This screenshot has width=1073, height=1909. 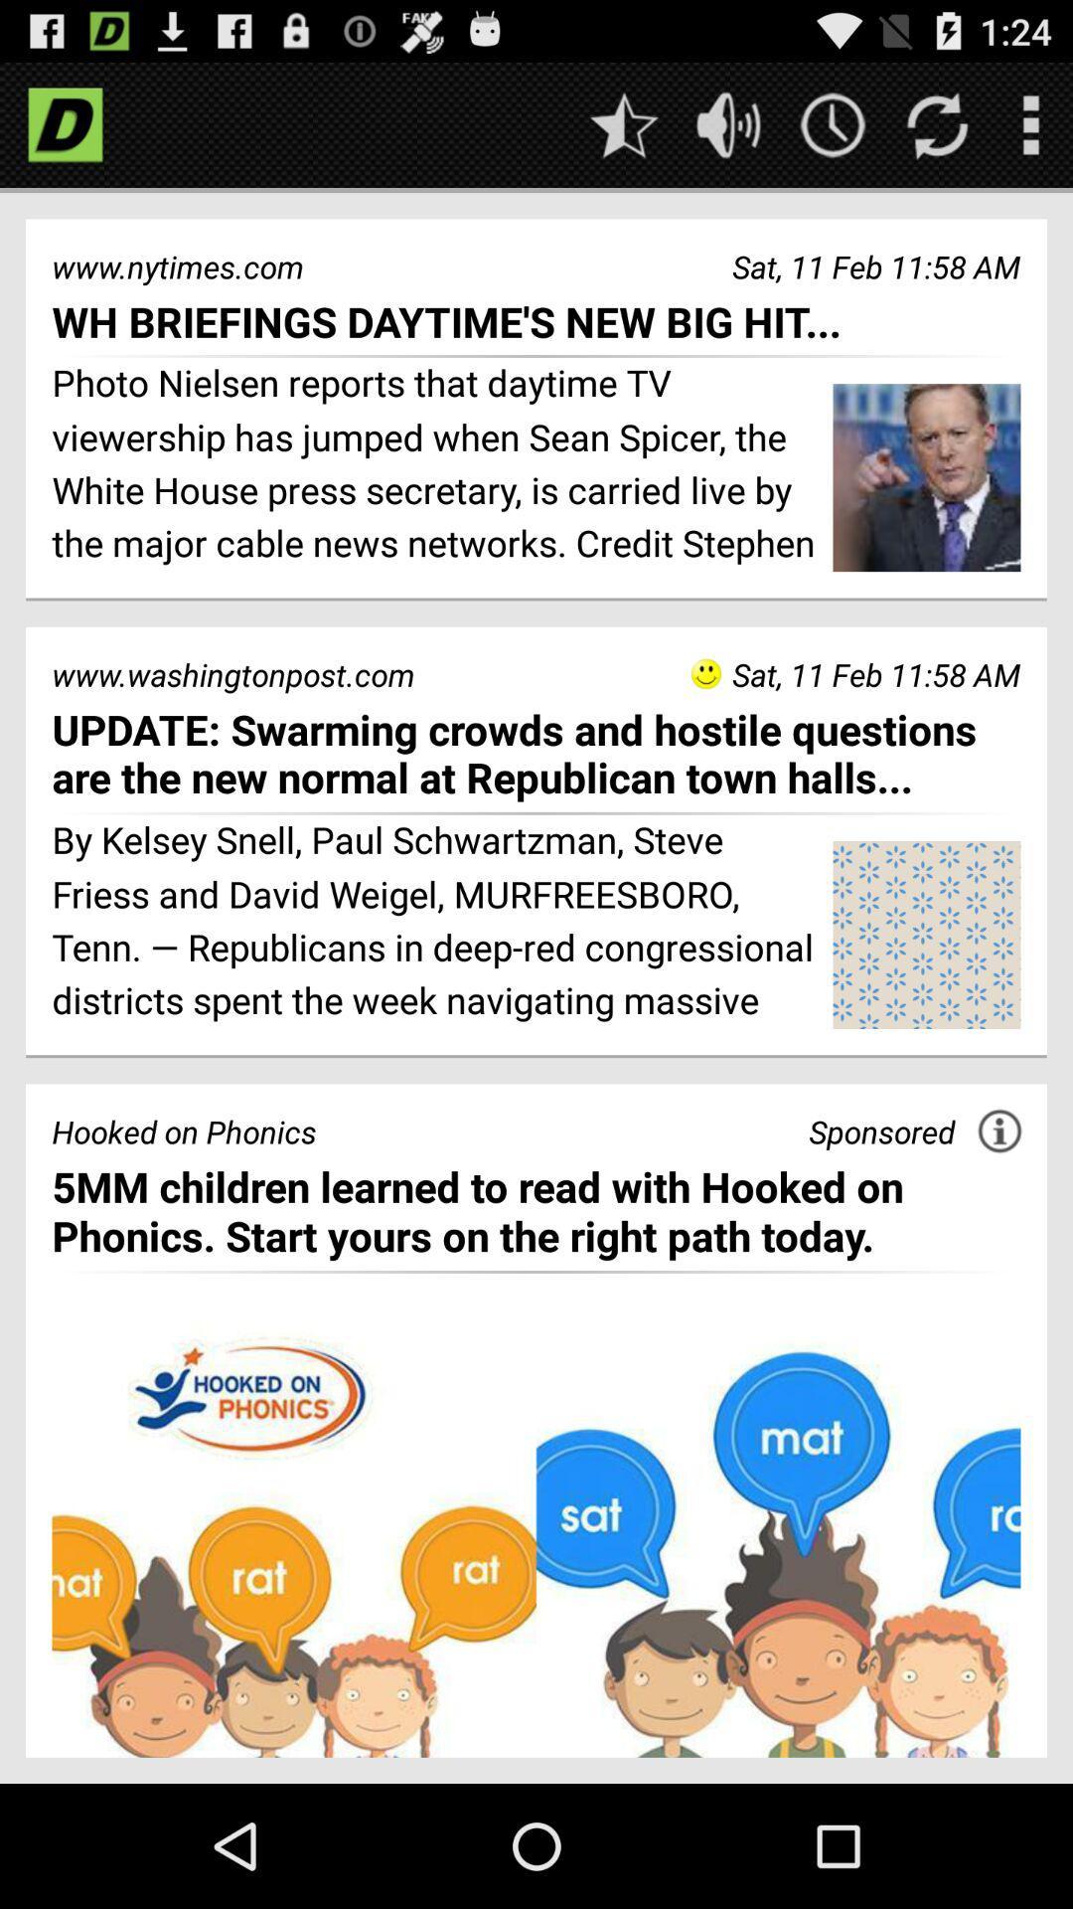 What do you see at coordinates (999, 1130) in the screenshot?
I see `app next to sponsored item` at bounding box center [999, 1130].